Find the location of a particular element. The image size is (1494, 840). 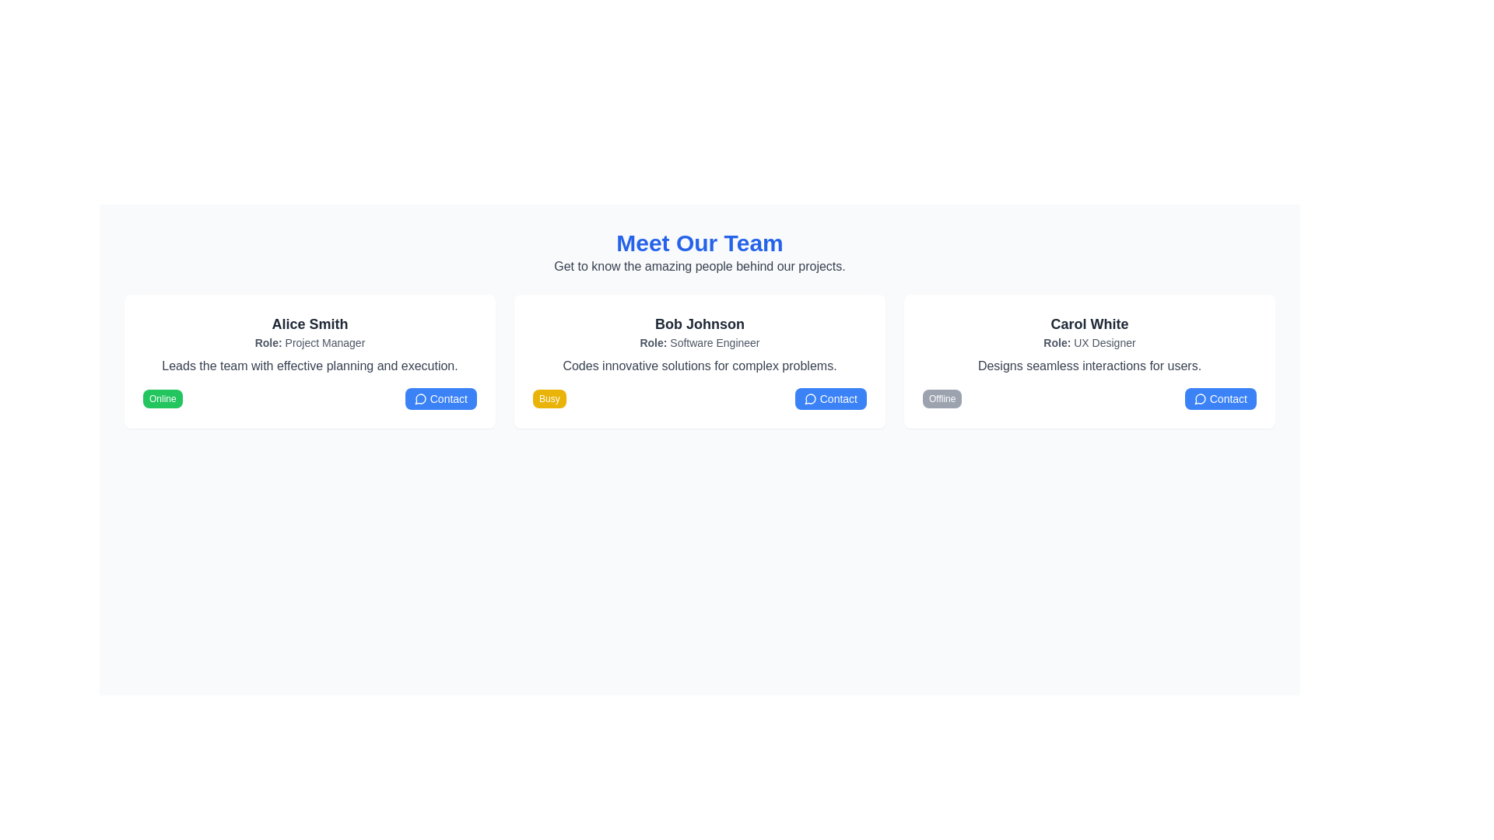

the Status Indicator Badge next to the 'Contact' button for 'Alice Smith' in the 'Meet Our Team' section, which has a green background and displays 'Online' is located at coordinates (163, 398).